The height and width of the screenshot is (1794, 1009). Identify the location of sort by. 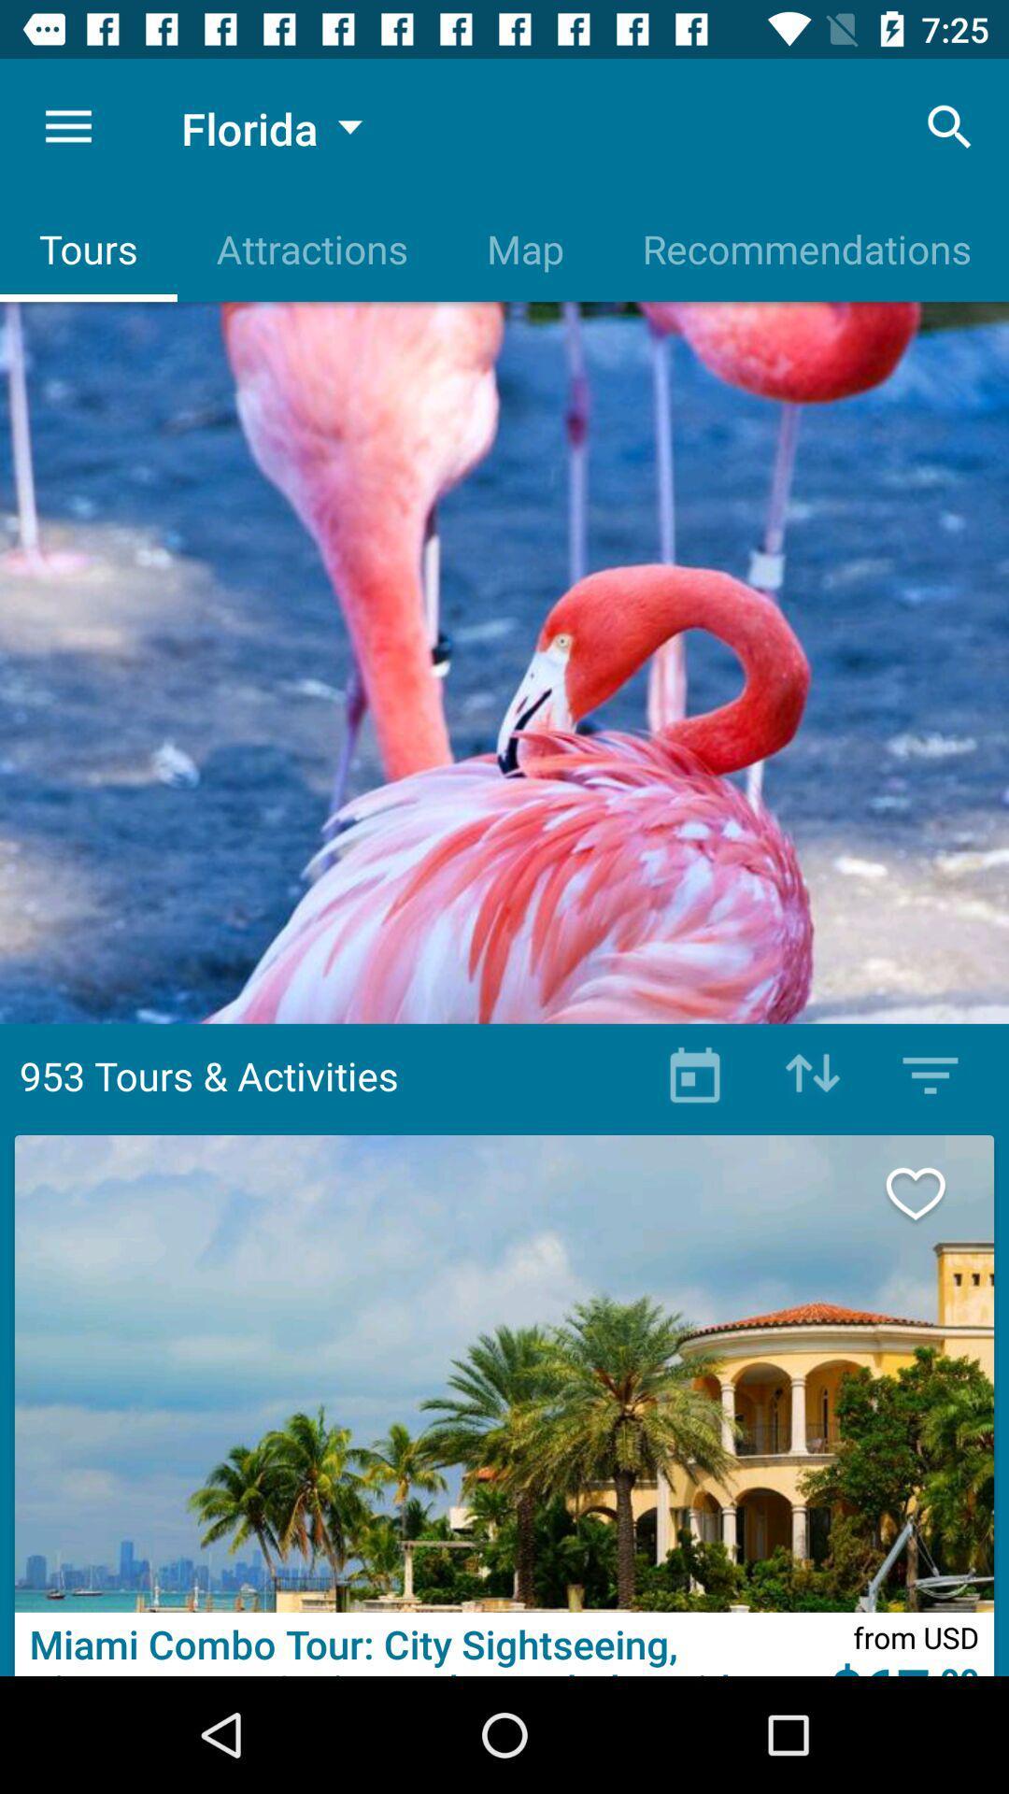
(812, 1075).